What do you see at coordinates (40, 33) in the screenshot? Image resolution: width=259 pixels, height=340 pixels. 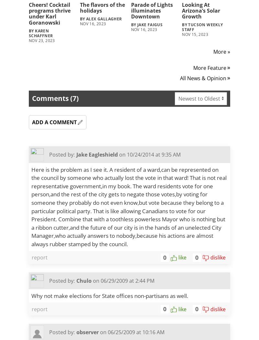 I see `'By Karen Schaffner'` at bounding box center [40, 33].